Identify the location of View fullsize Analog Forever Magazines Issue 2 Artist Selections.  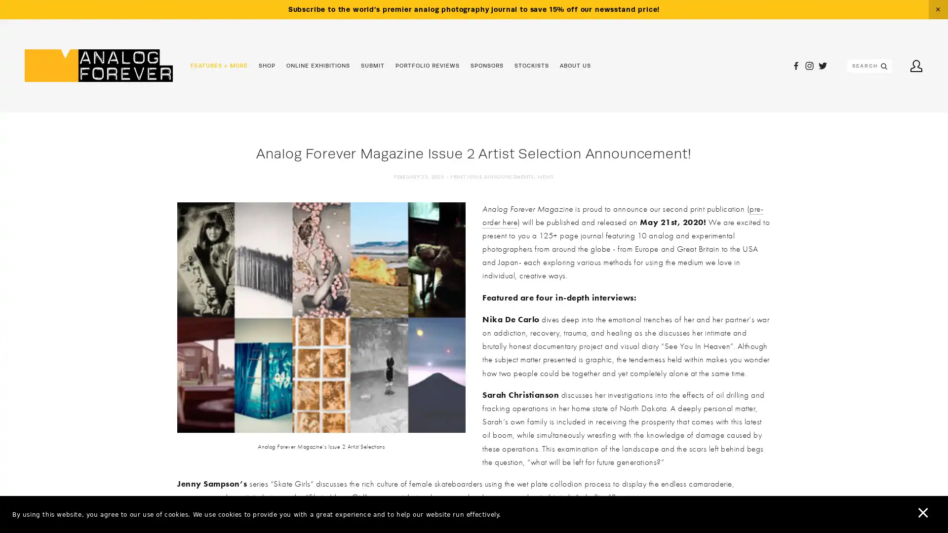
(321, 317).